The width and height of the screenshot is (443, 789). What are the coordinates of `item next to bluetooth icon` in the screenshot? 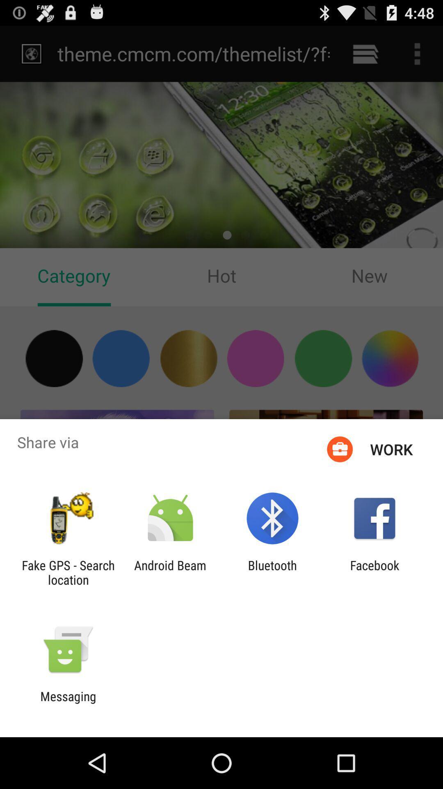 It's located at (374, 572).